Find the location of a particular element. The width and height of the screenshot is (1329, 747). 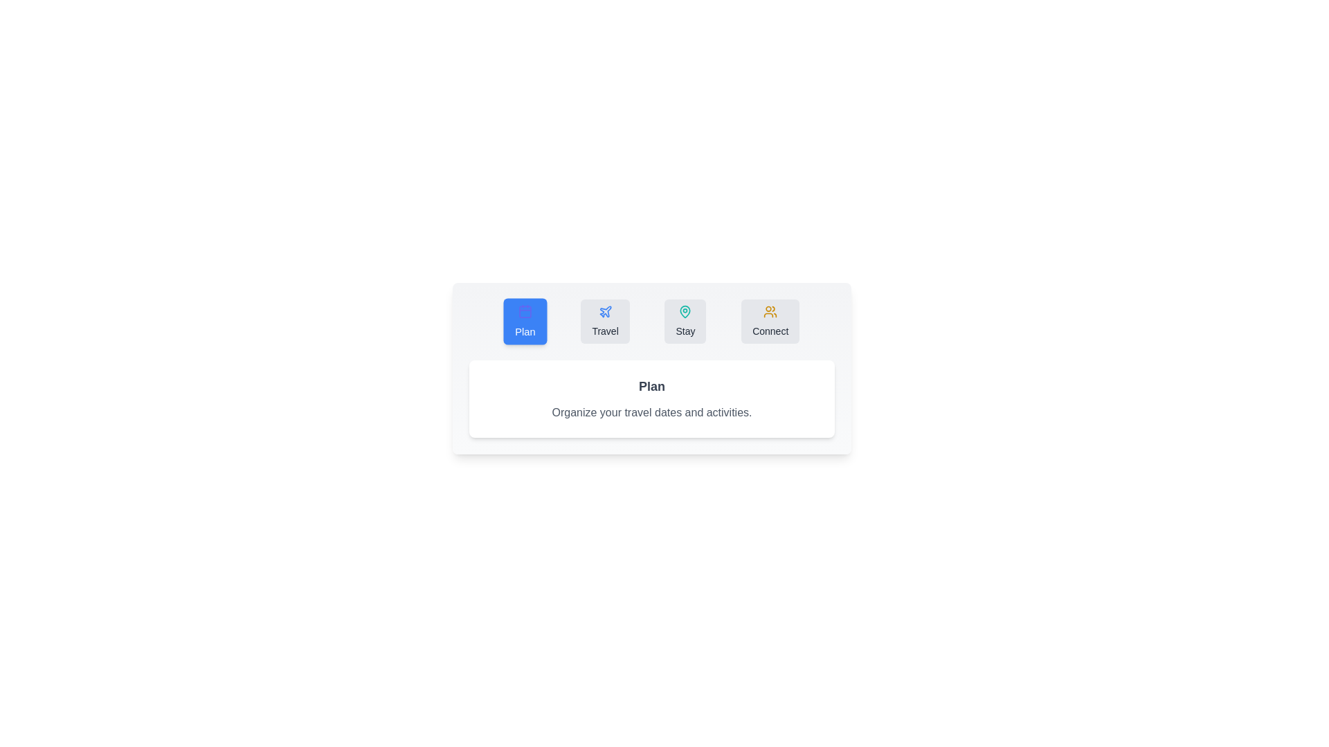

the tab labeled 'Travel' to preview its hover state is located at coordinates (605, 322).